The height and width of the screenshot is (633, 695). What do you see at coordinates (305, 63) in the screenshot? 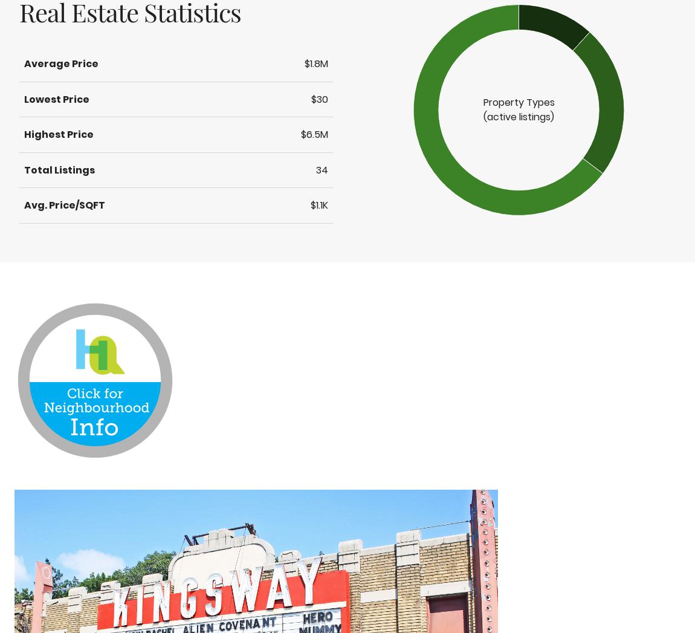
I see `'$1.8M'` at bounding box center [305, 63].